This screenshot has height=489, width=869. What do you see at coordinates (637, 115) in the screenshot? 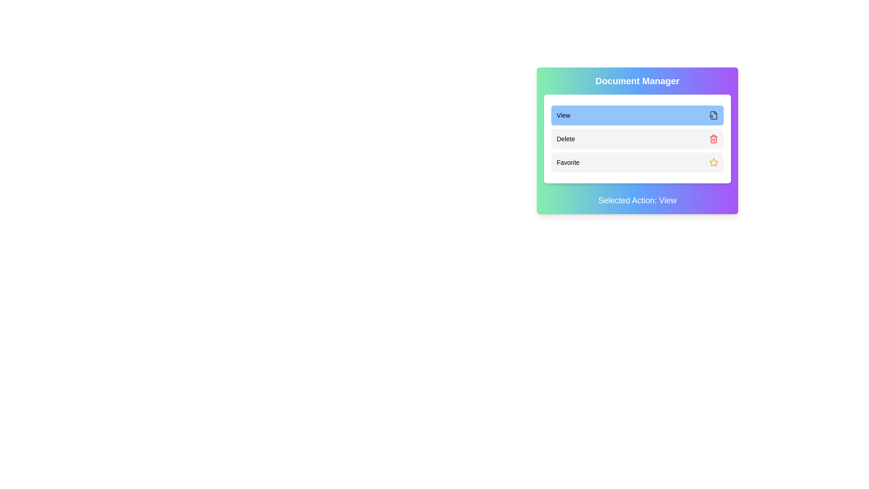
I see `the View button to observe its hover effect` at bounding box center [637, 115].